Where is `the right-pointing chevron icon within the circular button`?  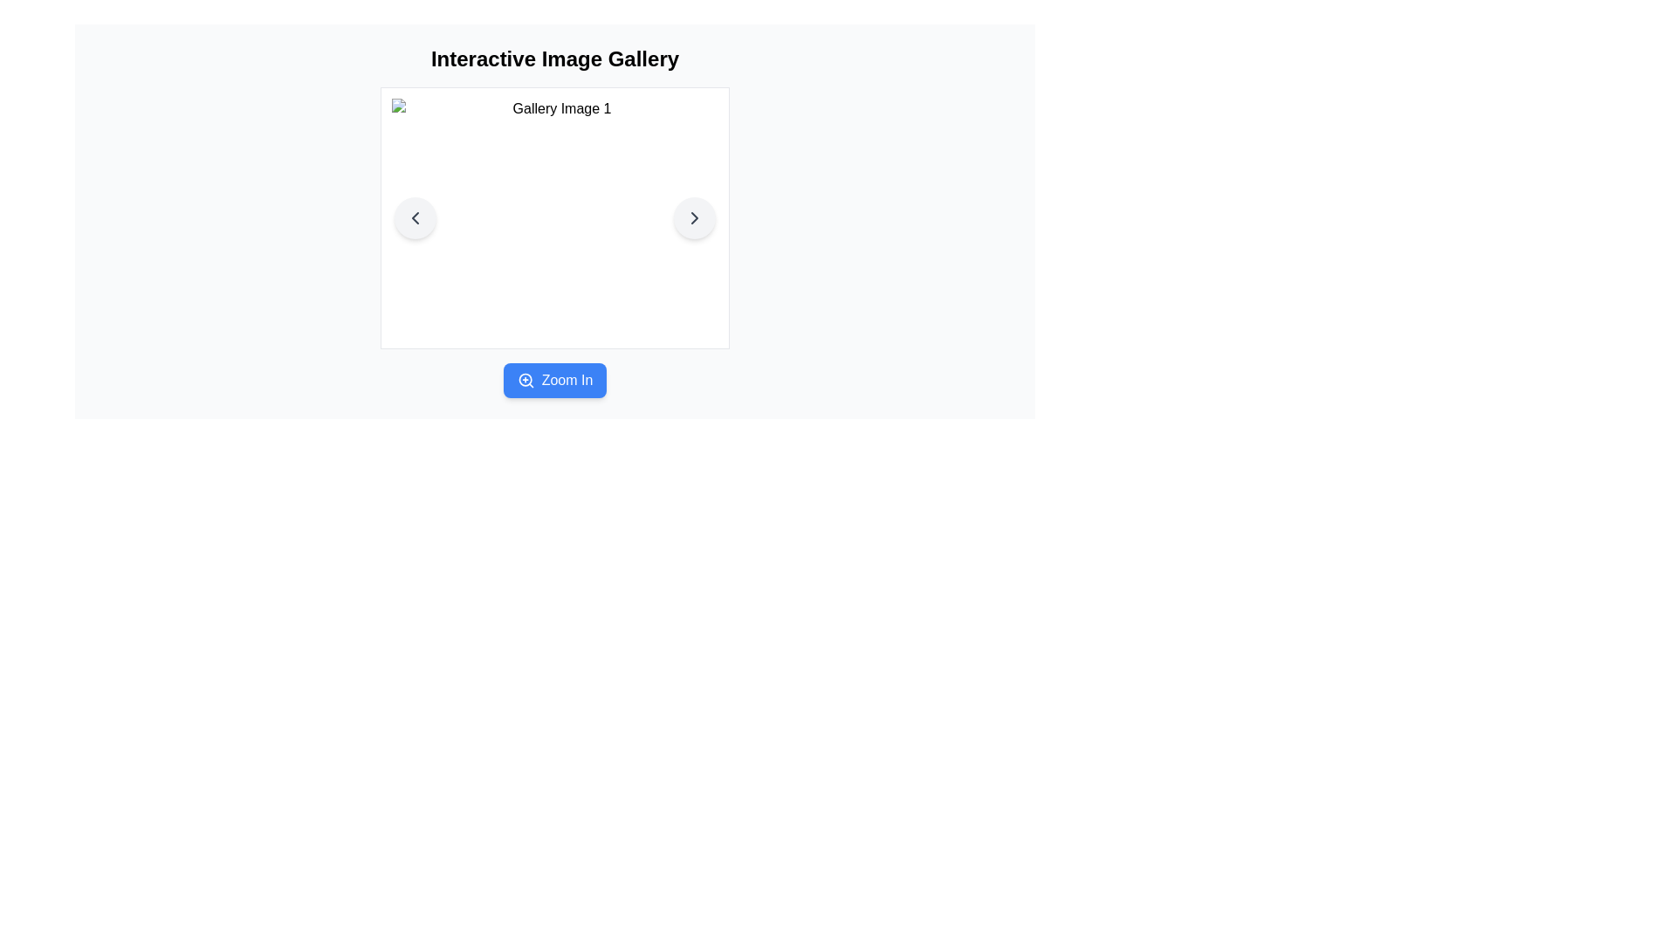 the right-pointing chevron icon within the circular button is located at coordinates (694, 217).